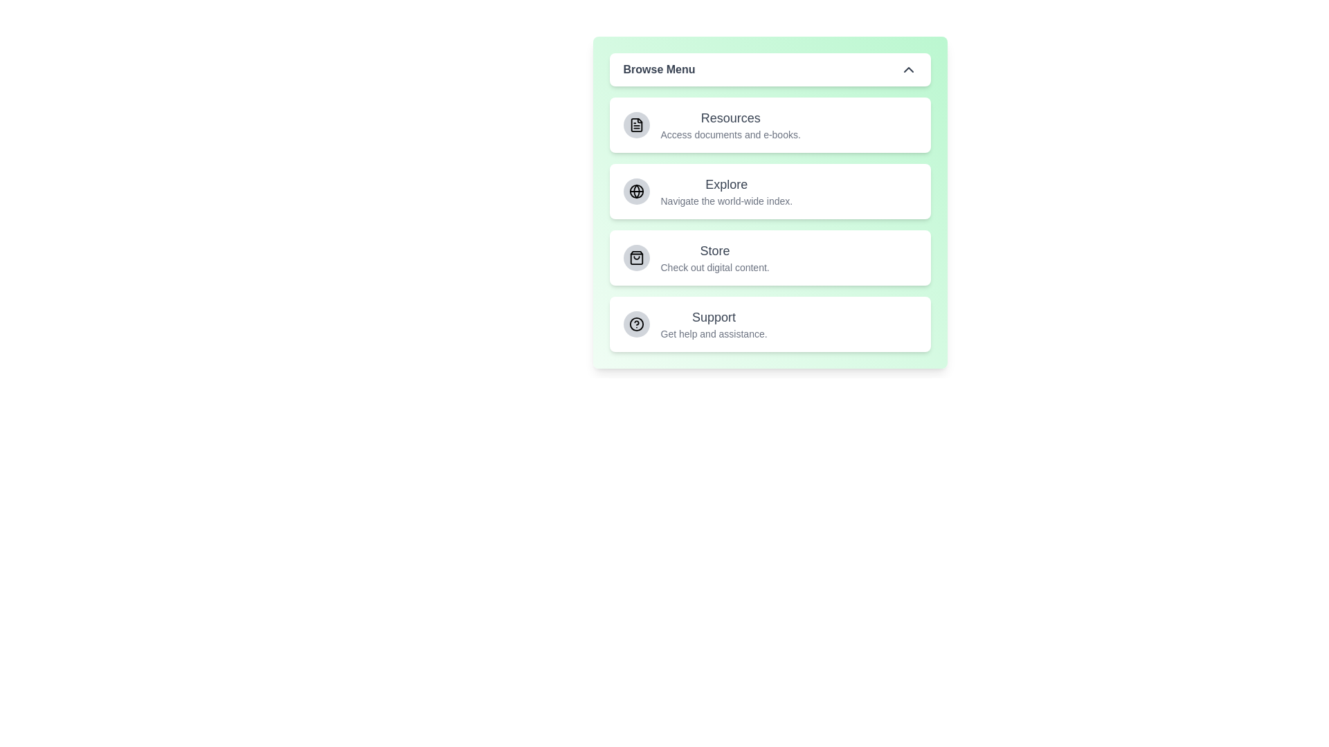 The image size is (1329, 747). I want to click on the menu item Explore by clicking on it, so click(769, 192).